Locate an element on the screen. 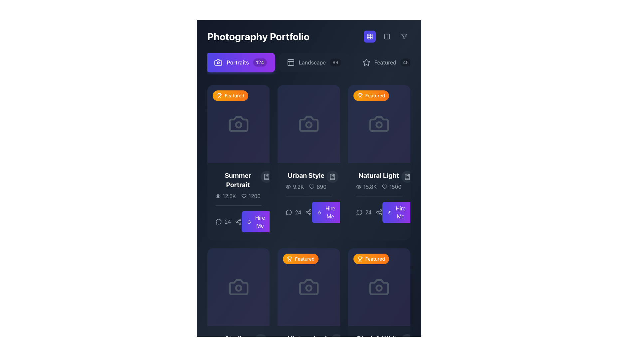 This screenshot has width=639, height=359. the 'Featured' icon located at the top-left corner of the card, which serves as a visual indicator within a highlighted badge is located at coordinates (290, 259).